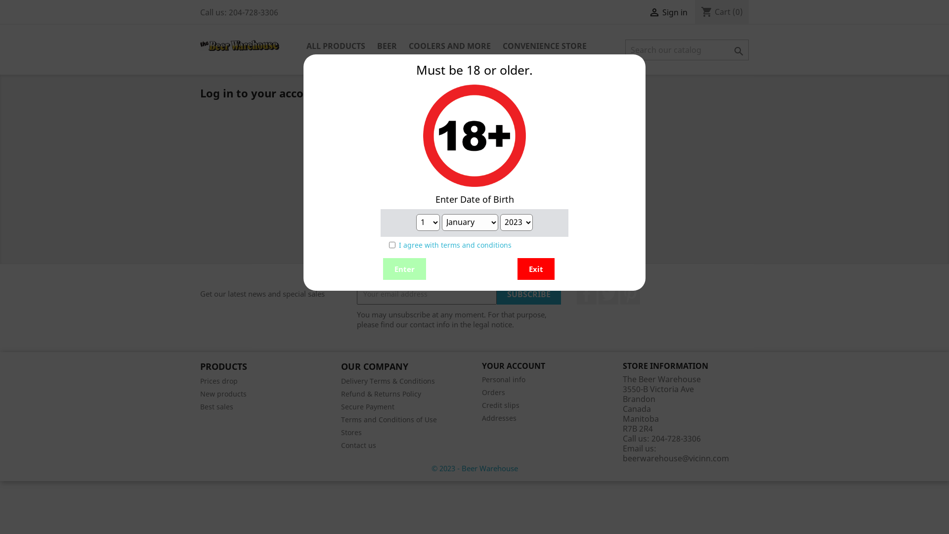  Describe the element at coordinates (449, 46) in the screenshot. I see `'COOLERS AND MORE'` at that location.